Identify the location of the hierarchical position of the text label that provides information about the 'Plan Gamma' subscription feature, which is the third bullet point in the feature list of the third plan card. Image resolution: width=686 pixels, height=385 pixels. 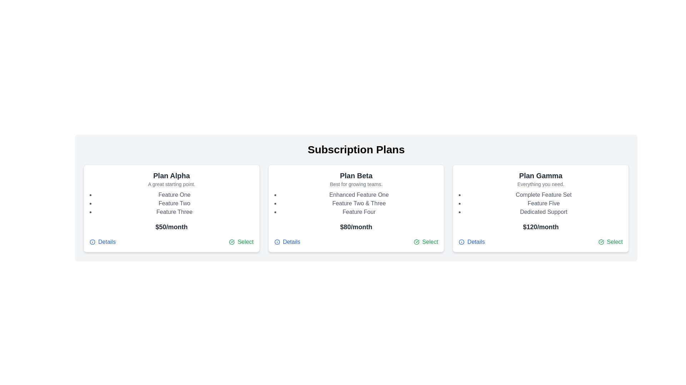
(543, 211).